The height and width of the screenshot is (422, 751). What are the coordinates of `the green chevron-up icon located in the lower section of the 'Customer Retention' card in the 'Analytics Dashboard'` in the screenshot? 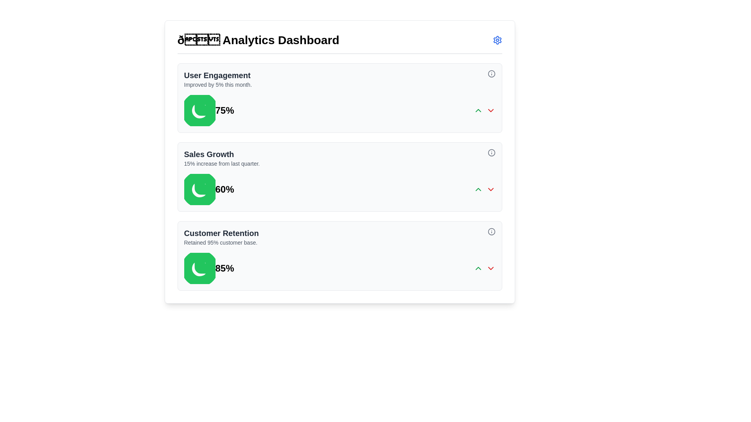 It's located at (478, 268).